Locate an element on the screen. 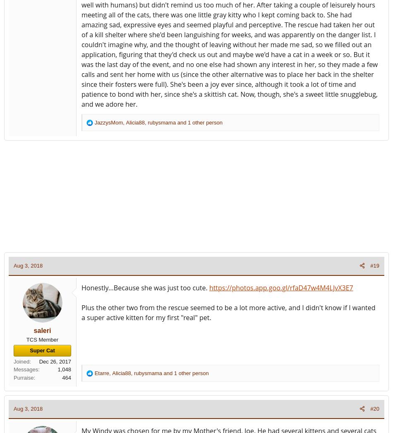 The height and width of the screenshot is (433, 393). 'Purraise' is located at coordinates (24, 377).